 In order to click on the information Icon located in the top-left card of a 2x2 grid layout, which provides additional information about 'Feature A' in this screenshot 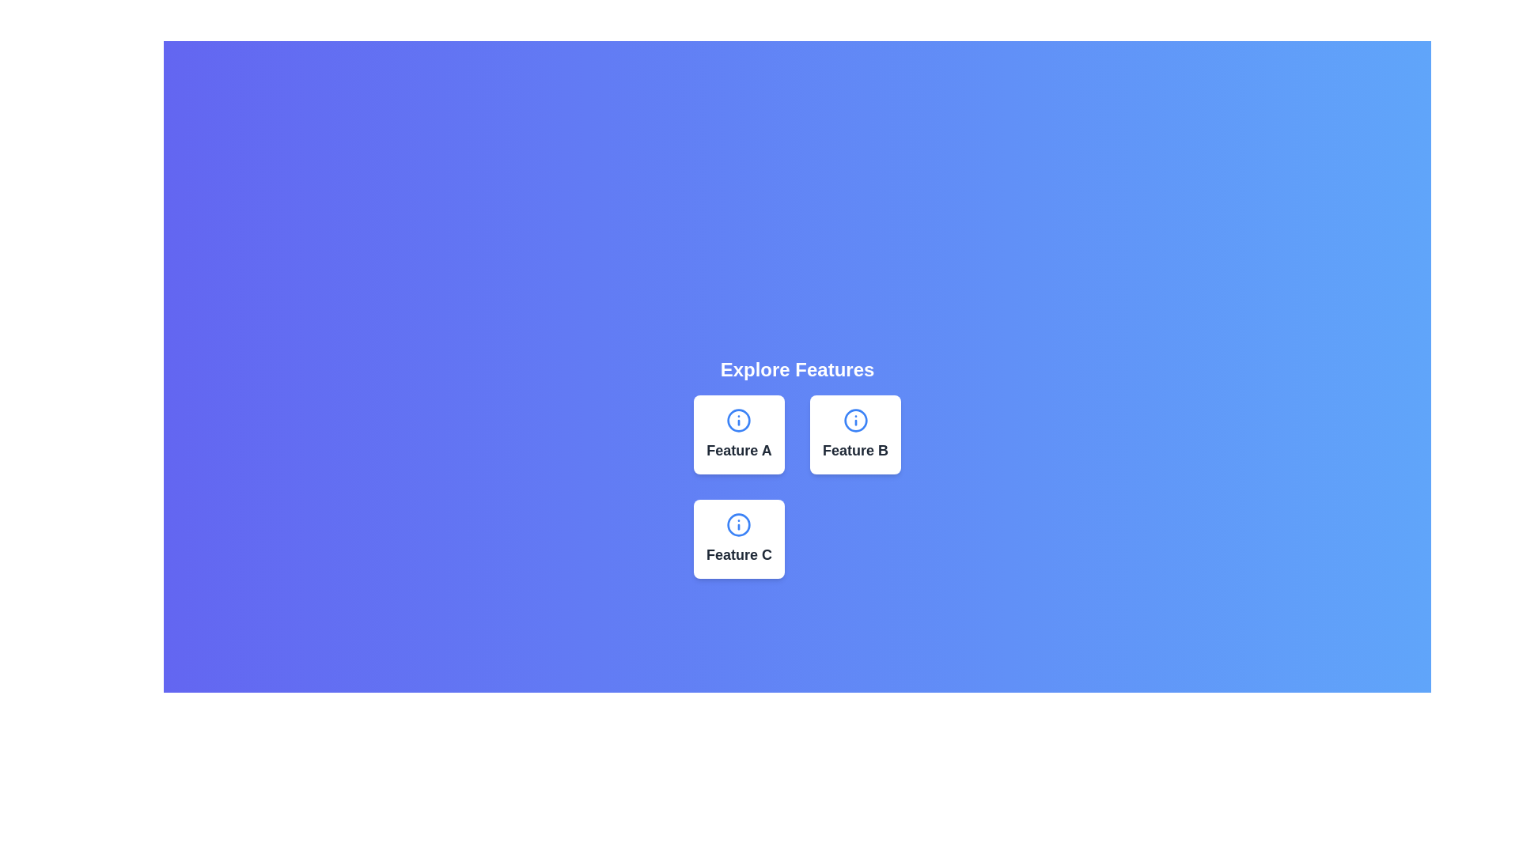, I will do `click(738, 420)`.